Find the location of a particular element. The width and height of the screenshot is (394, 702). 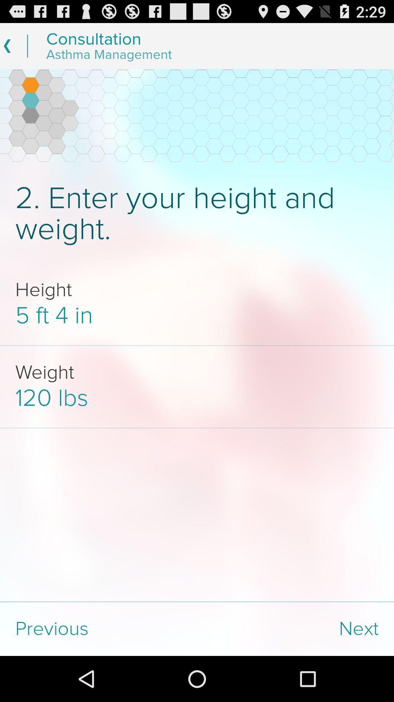

the 120 lbs icon is located at coordinates (197, 398).